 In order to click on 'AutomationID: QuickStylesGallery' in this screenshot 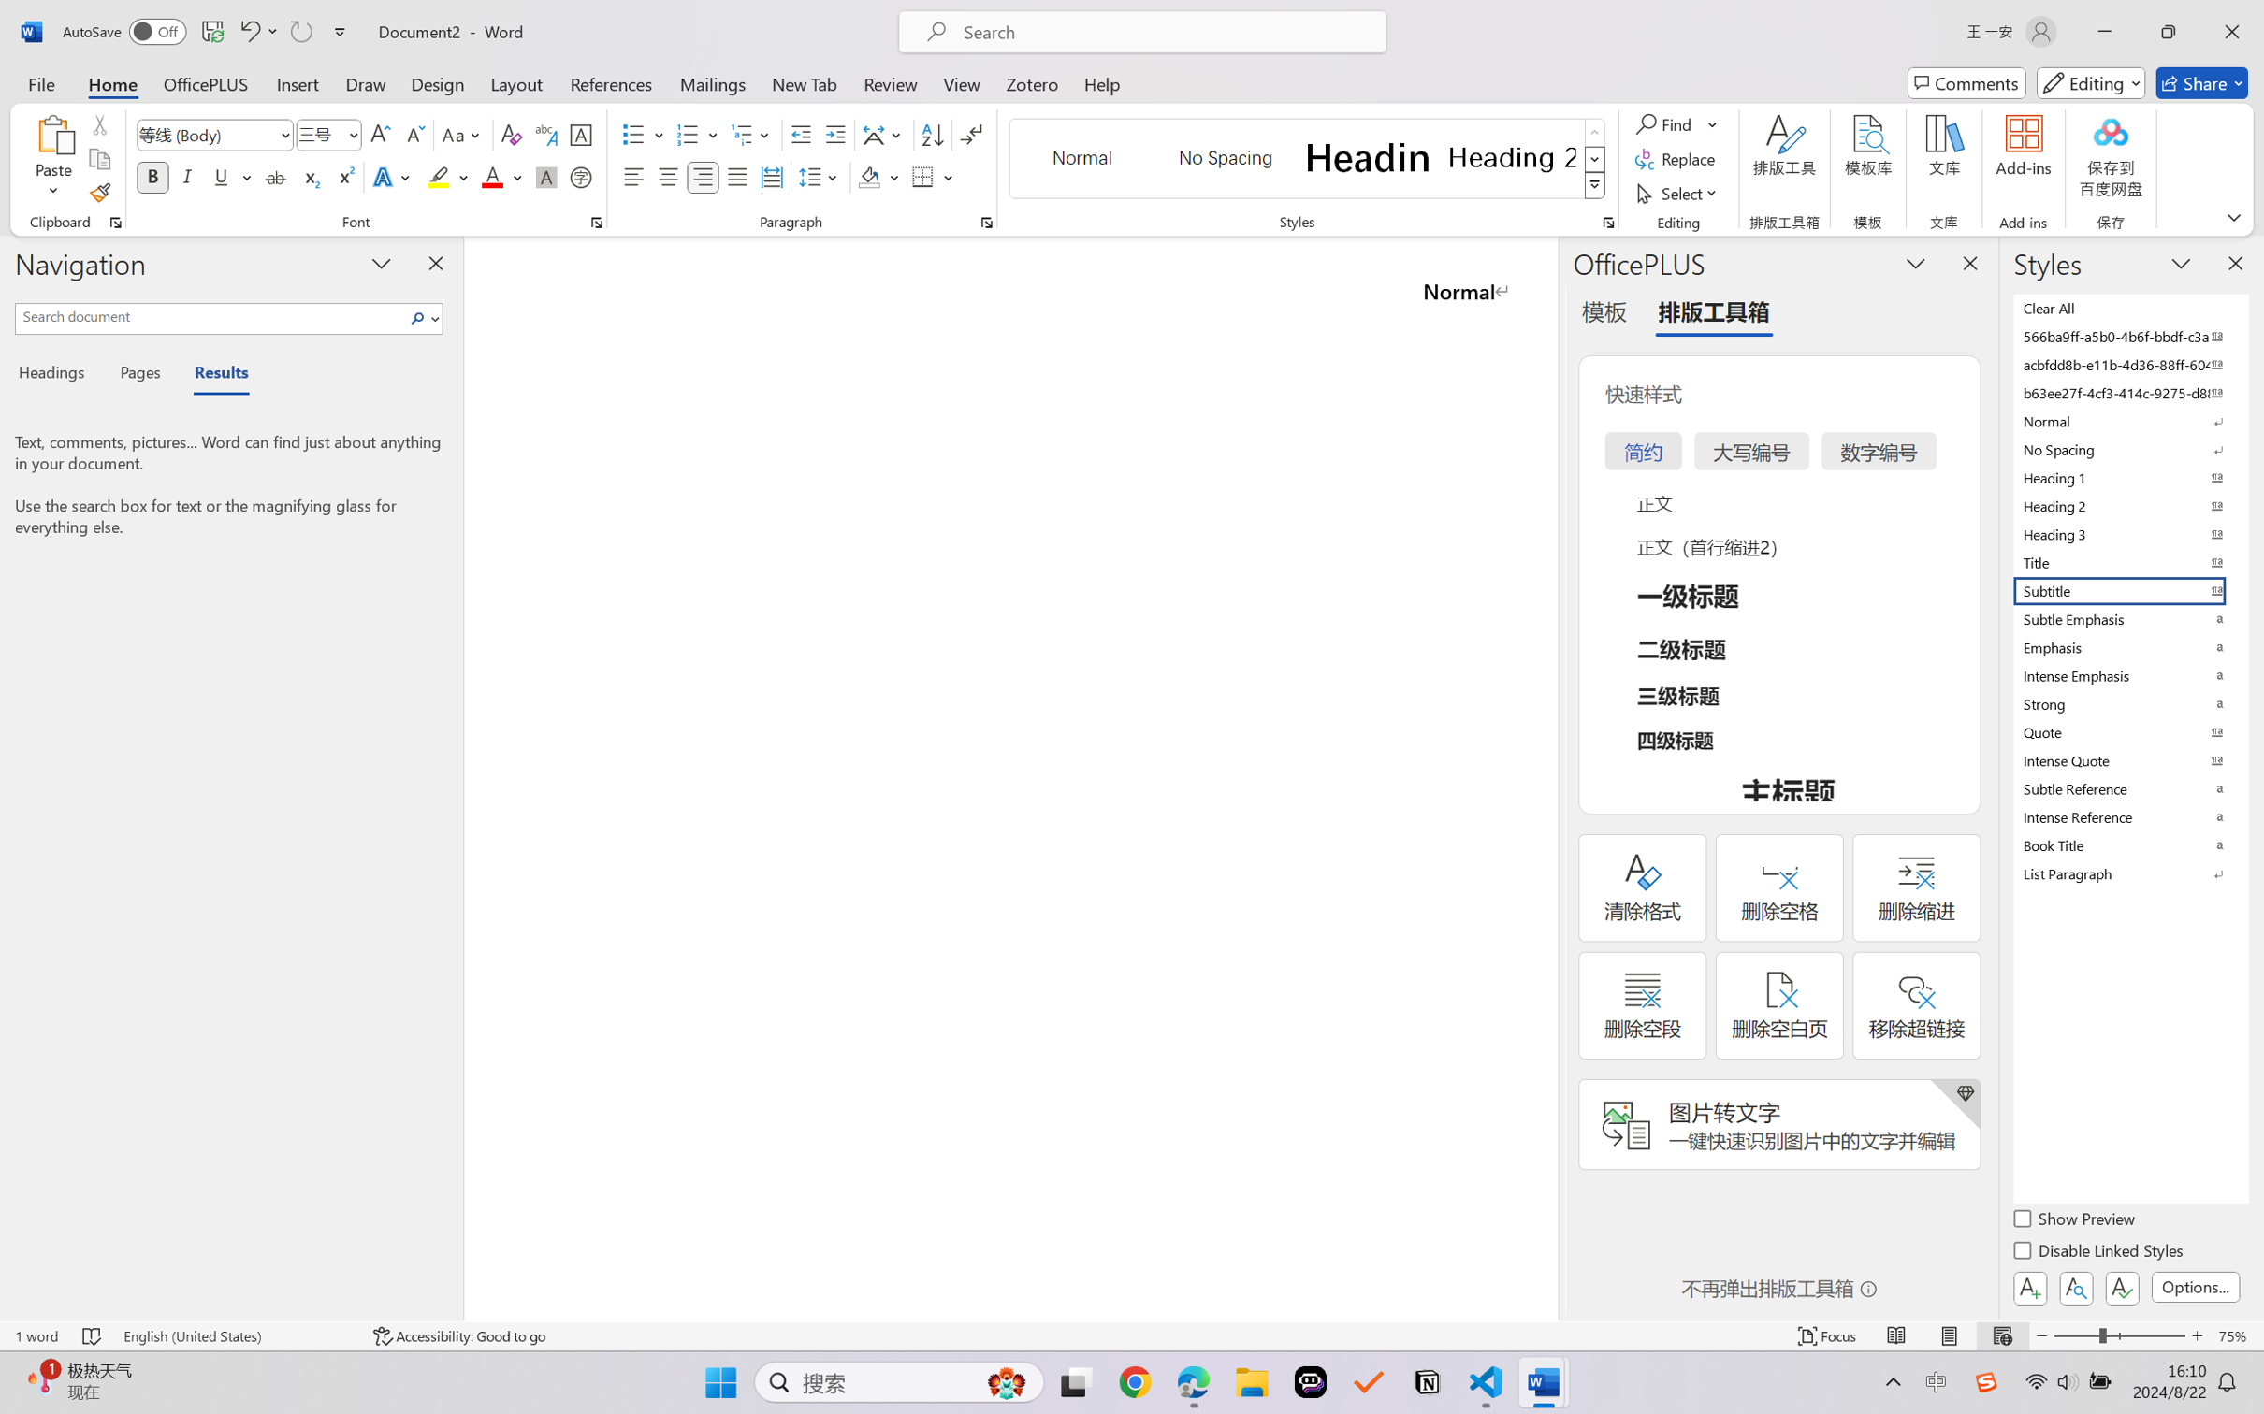, I will do `click(1307, 159)`.